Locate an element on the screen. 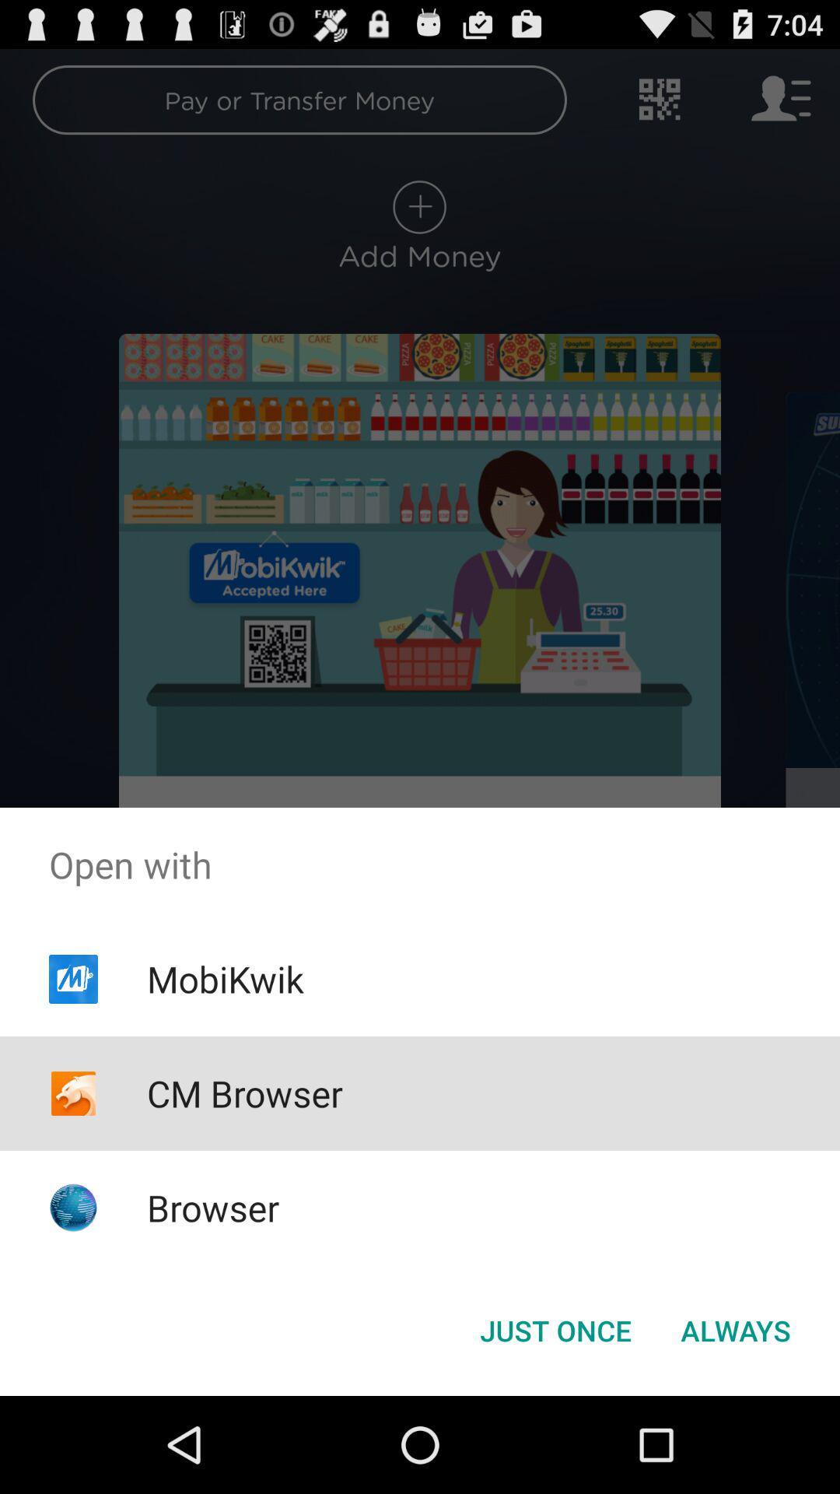  pay or transfer money on the top of the screen is located at coordinates (385, 104).